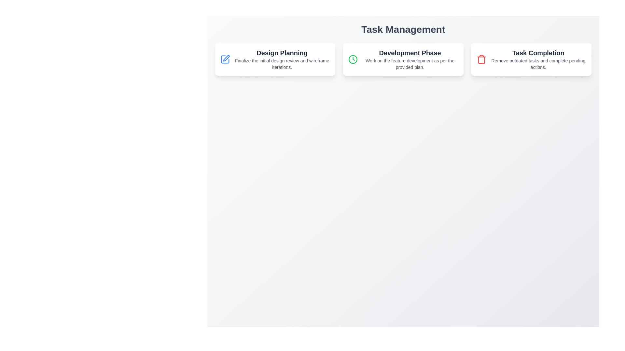  What do you see at coordinates (282, 64) in the screenshot?
I see `the text element that reads 'Finalize the initial design review and wireframe iterations.' positioned below the heading 'Design Planning.'` at bounding box center [282, 64].